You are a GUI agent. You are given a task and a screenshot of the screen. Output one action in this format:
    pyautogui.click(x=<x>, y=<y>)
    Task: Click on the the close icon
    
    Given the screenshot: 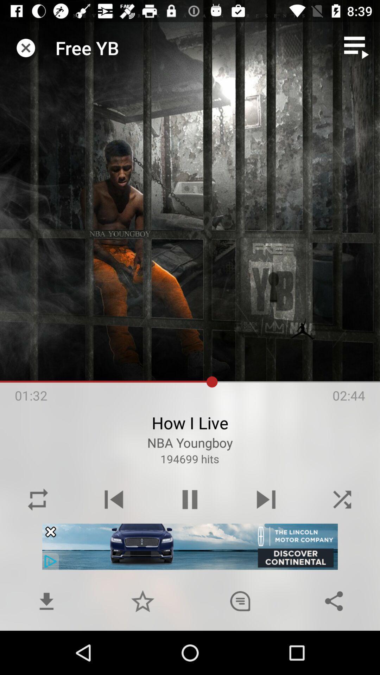 What is the action you would take?
    pyautogui.click(x=342, y=499)
    